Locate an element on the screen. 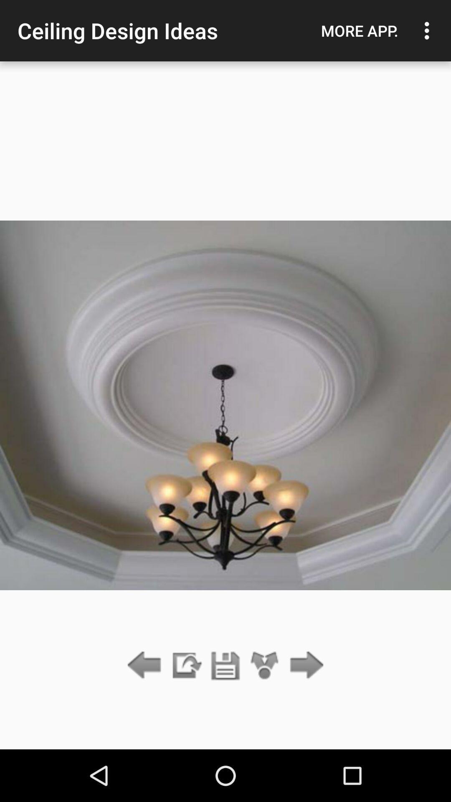 The height and width of the screenshot is (802, 451). next is located at coordinates (304, 665).